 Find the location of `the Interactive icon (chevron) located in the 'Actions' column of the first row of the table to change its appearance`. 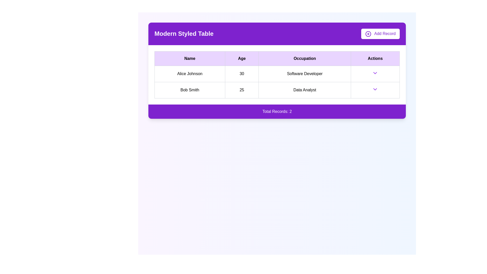

the Interactive icon (chevron) located in the 'Actions' column of the first row of the table to change its appearance is located at coordinates (375, 73).